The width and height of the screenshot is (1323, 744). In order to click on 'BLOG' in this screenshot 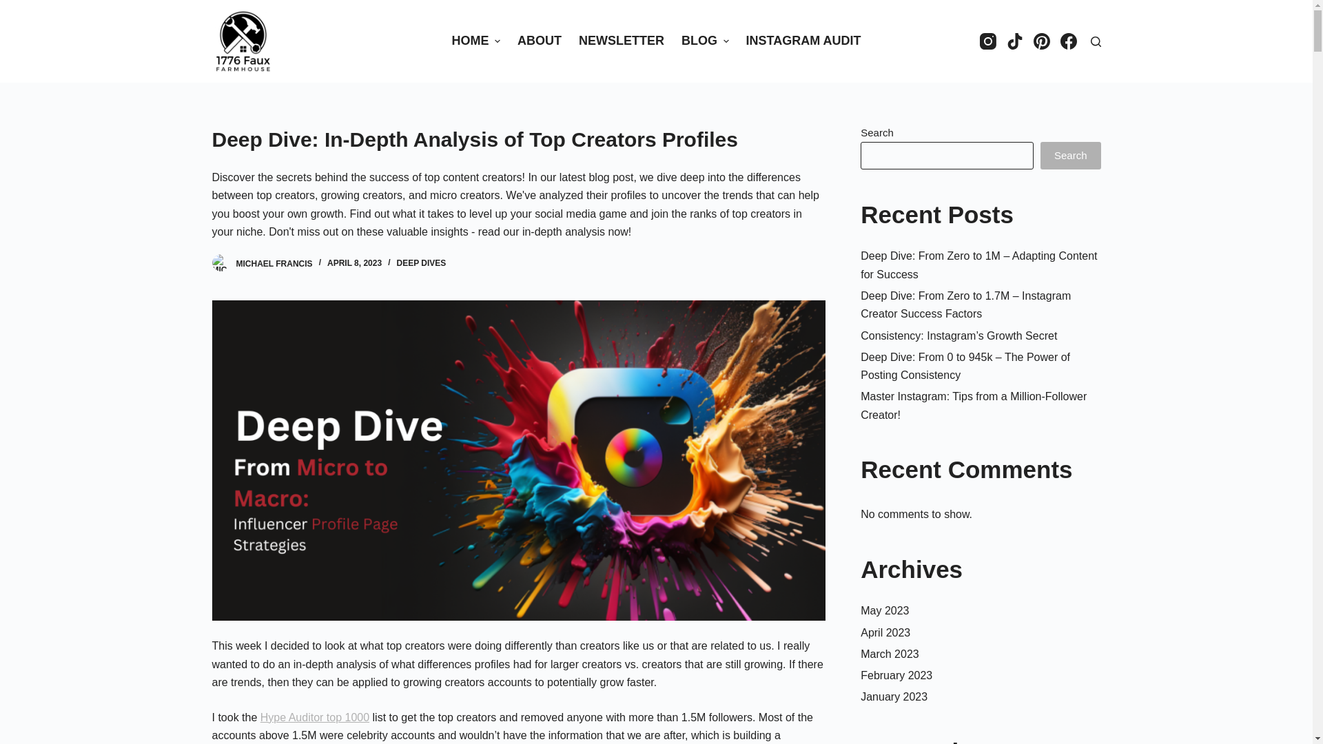, I will do `click(704, 41)`.